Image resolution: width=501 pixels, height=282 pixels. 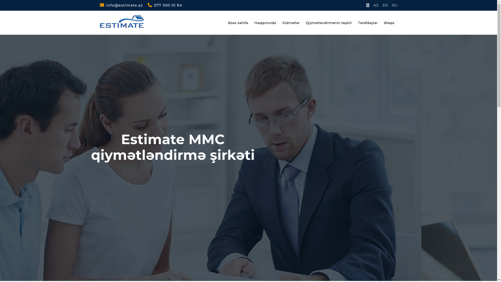 What do you see at coordinates (385, 5) in the screenshot?
I see `'EN'` at bounding box center [385, 5].